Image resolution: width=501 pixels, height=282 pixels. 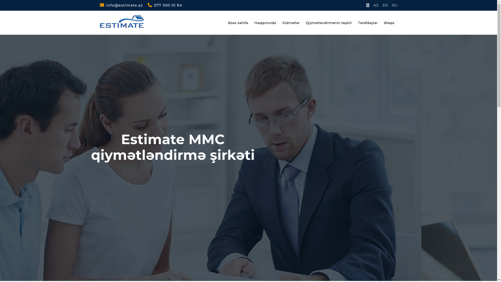 What do you see at coordinates (385, 5) in the screenshot?
I see `'EN'` at bounding box center [385, 5].